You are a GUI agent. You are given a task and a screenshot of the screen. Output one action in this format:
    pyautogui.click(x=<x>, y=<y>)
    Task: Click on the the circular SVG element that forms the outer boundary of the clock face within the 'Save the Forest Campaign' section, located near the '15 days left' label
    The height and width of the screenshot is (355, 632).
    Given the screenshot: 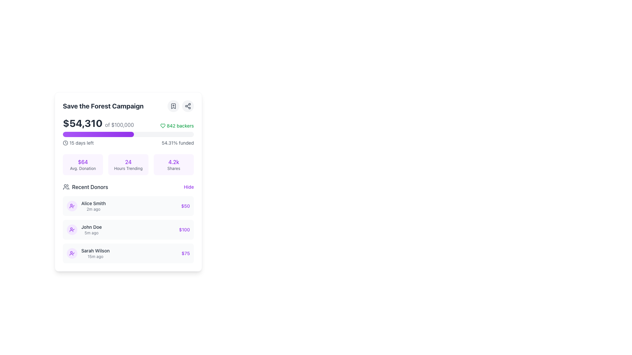 What is the action you would take?
    pyautogui.click(x=65, y=143)
    